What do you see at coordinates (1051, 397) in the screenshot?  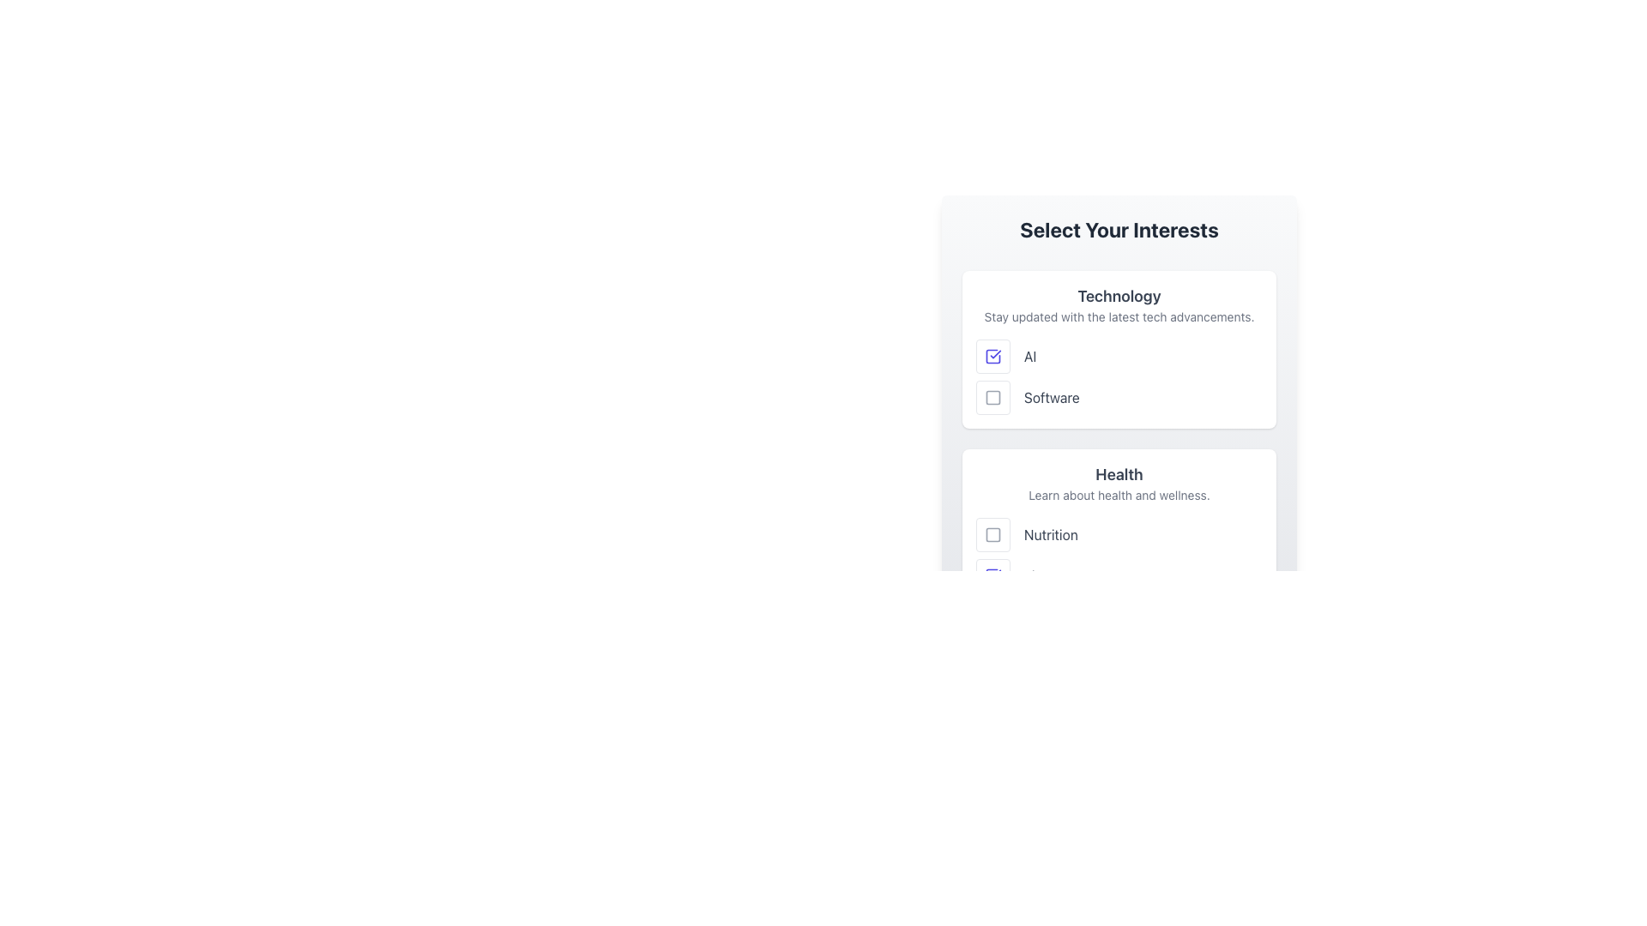 I see `the 'Software' text label in gray font located in the 'Technology' section, positioned to the right of the checkbox icon` at bounding box center [1051, 397].